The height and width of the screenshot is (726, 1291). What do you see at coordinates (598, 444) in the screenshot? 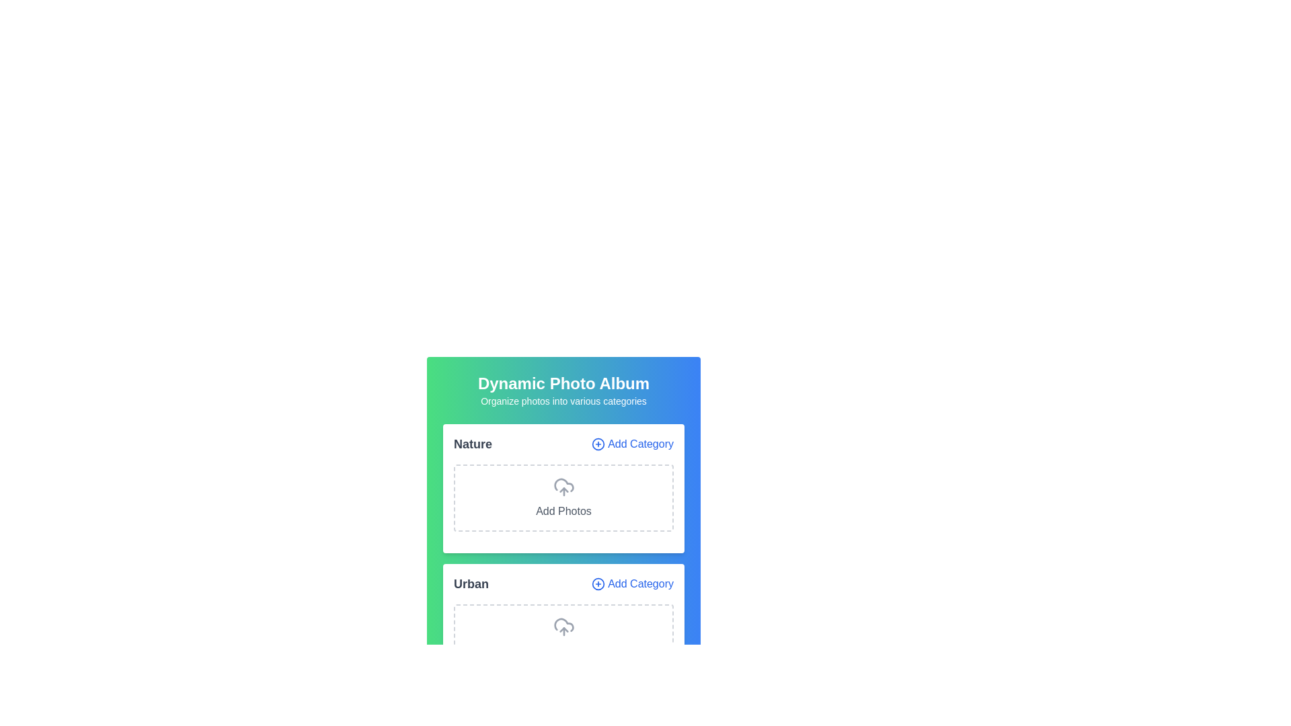
I see `the circular icon within the interactive SVG component located in the top-right corner of the 'Nature' category block, near the 'Add Category' label` at bounding box center [598, 444].